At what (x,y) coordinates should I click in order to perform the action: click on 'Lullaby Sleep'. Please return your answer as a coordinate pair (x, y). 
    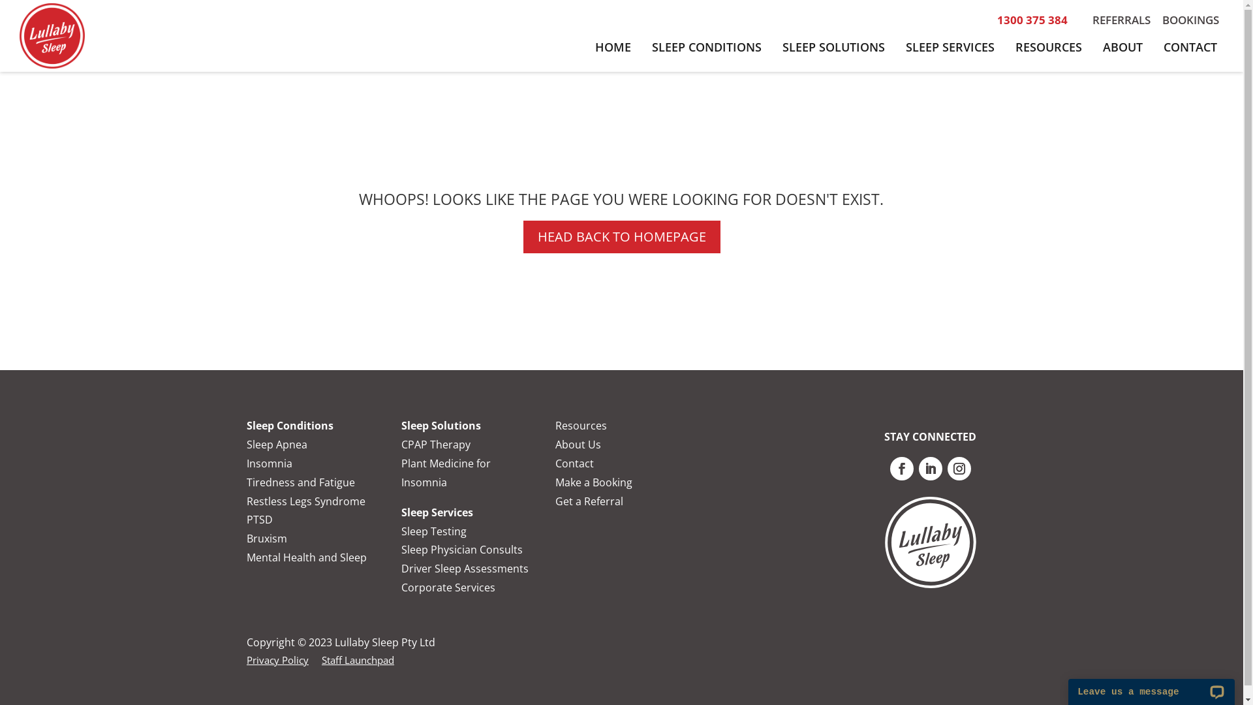
    Looking at the image, I should click on (52, 35).